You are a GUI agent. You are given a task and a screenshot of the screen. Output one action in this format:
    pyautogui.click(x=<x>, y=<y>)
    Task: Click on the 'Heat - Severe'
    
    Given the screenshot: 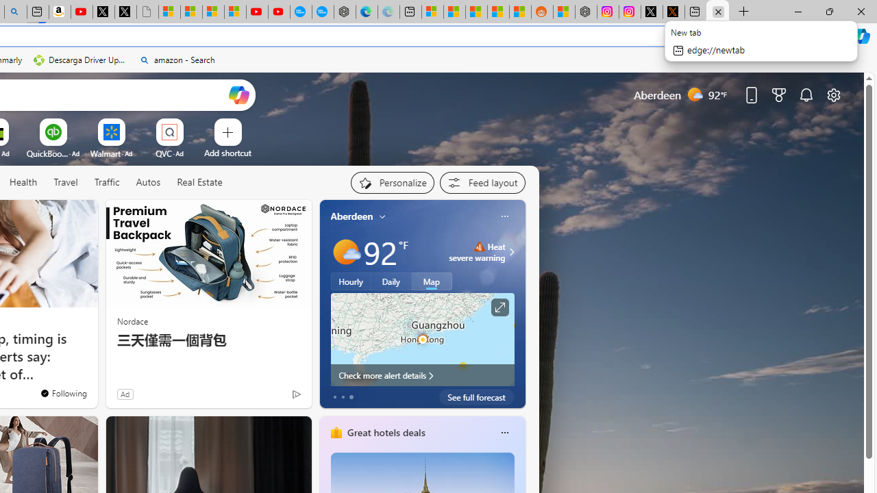 What is the action you would take?
    pyautogui.click(x=479, y=246)
    